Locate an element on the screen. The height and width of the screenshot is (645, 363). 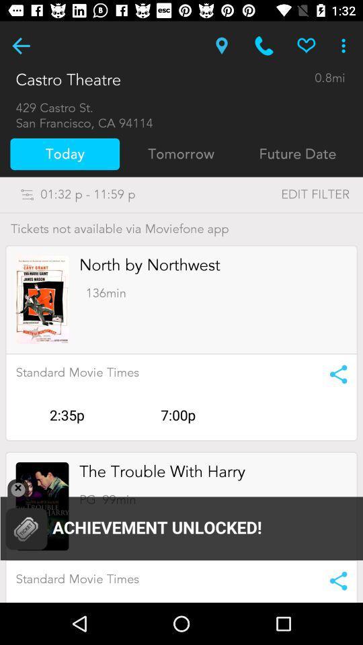
share button is located at coordinates (333, 580).